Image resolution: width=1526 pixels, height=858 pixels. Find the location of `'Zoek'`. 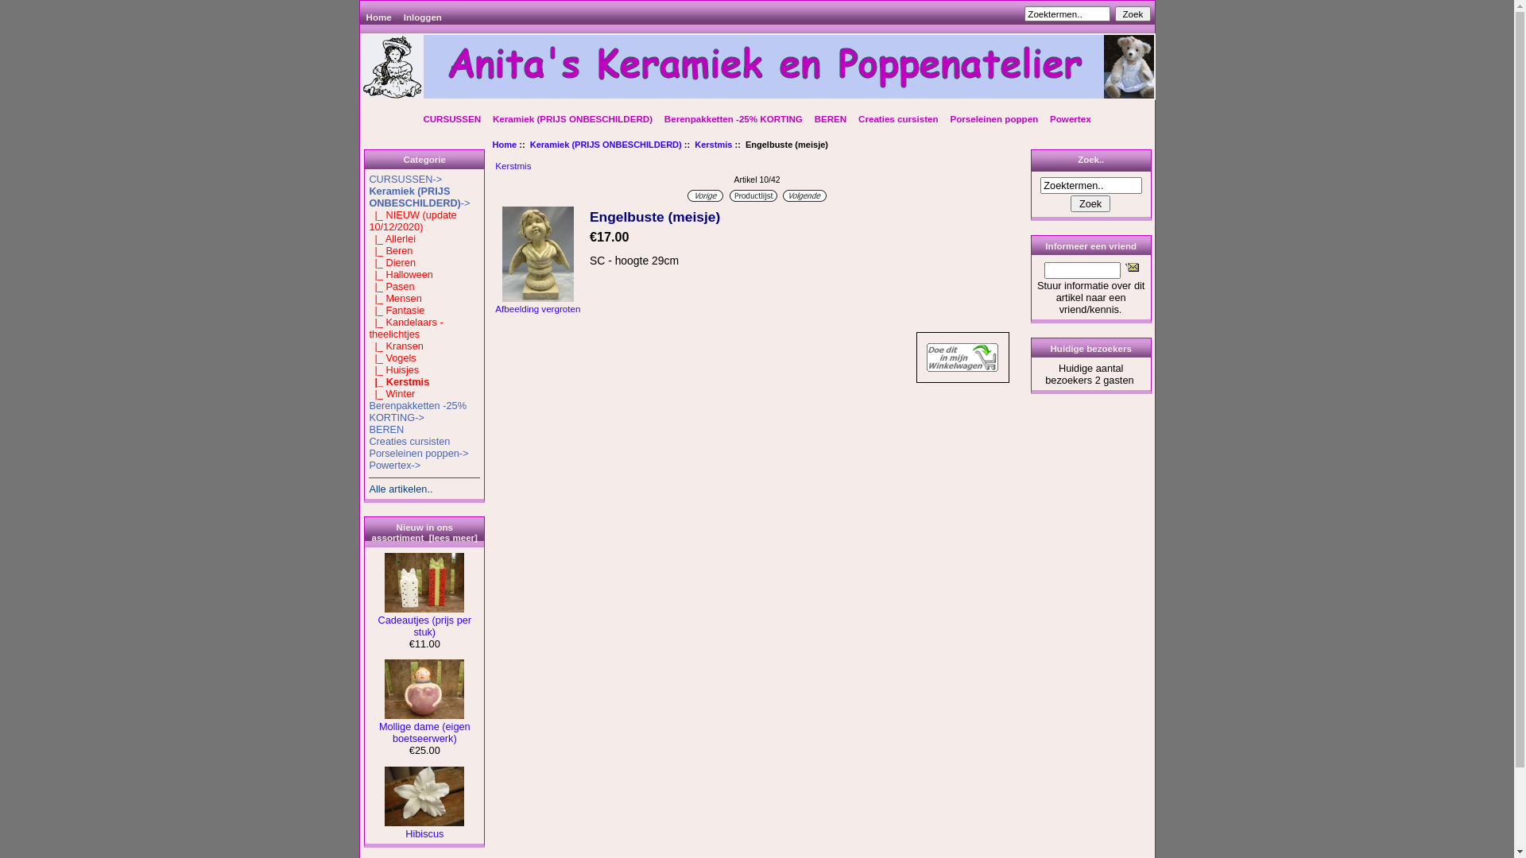

'Zoek' is located at coordinates (1132, 14).